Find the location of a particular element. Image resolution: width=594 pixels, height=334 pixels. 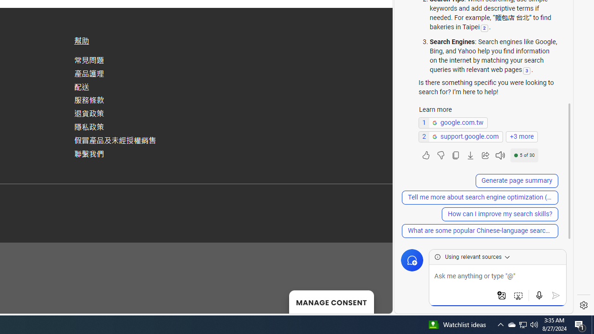

'MANAGE CONSENT' is located at coordinates (331, 302).